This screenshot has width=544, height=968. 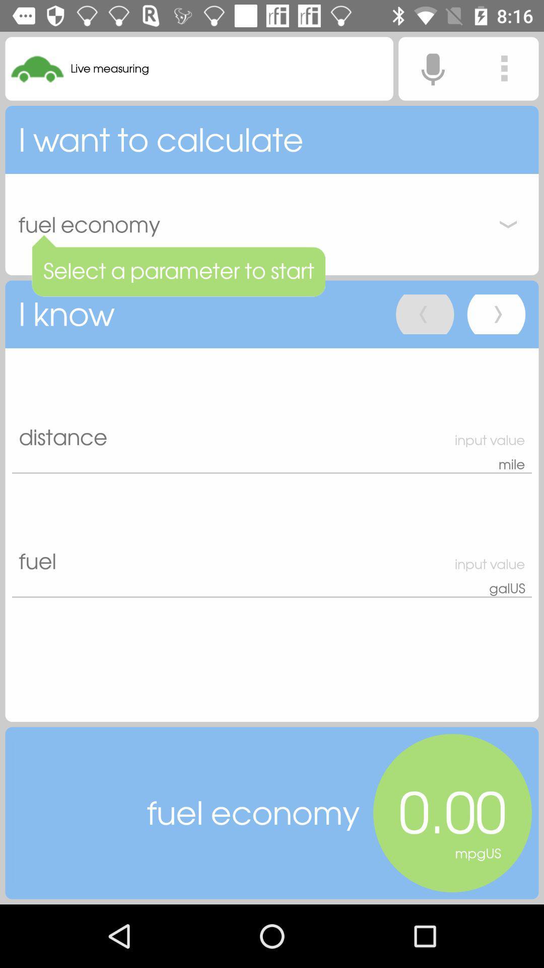 I want to click on next, so click(x=496, y=314).